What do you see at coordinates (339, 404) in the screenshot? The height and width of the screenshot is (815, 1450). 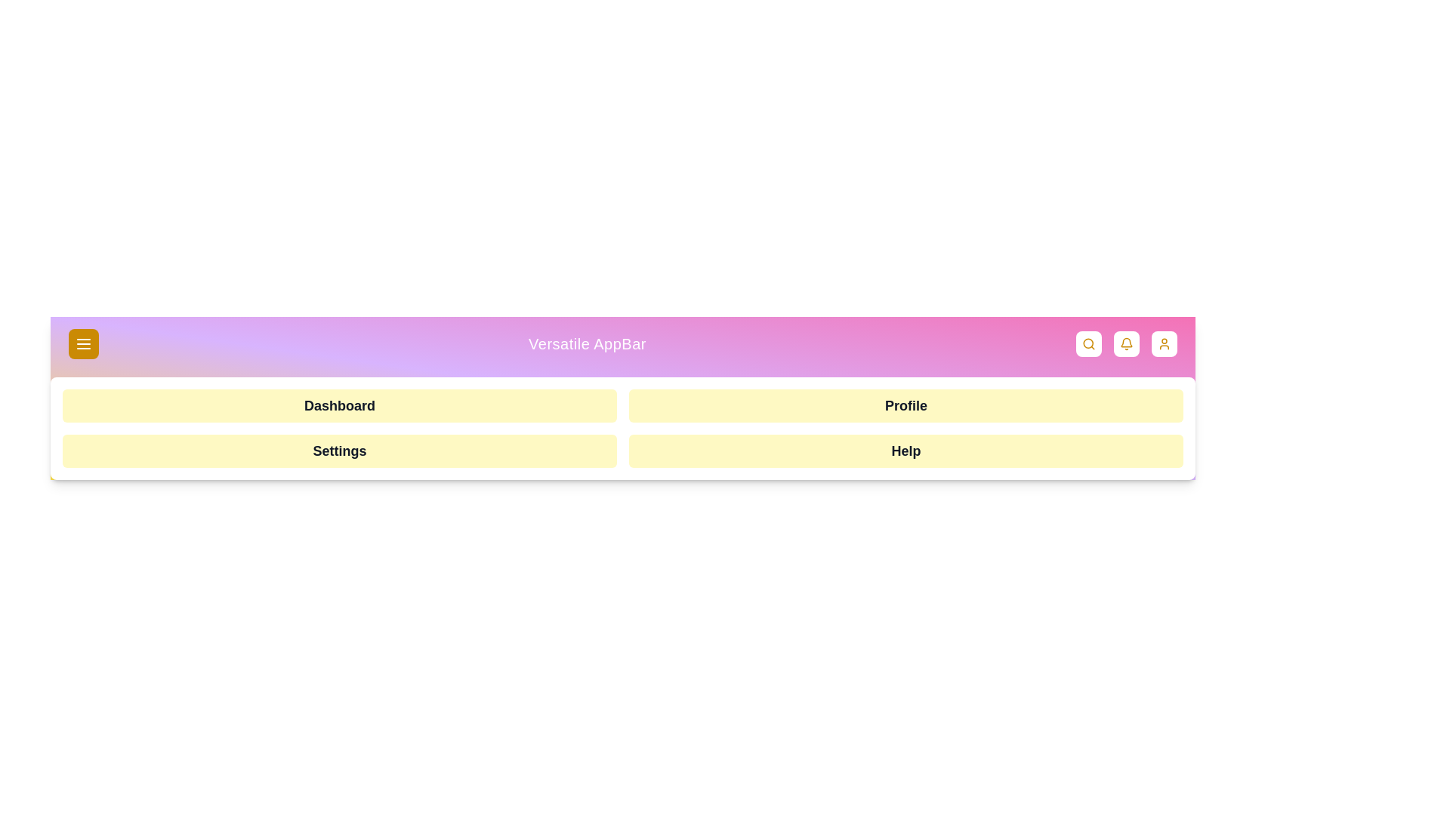 I see `the menu option Dashboard` at bounding box center [339, 404].